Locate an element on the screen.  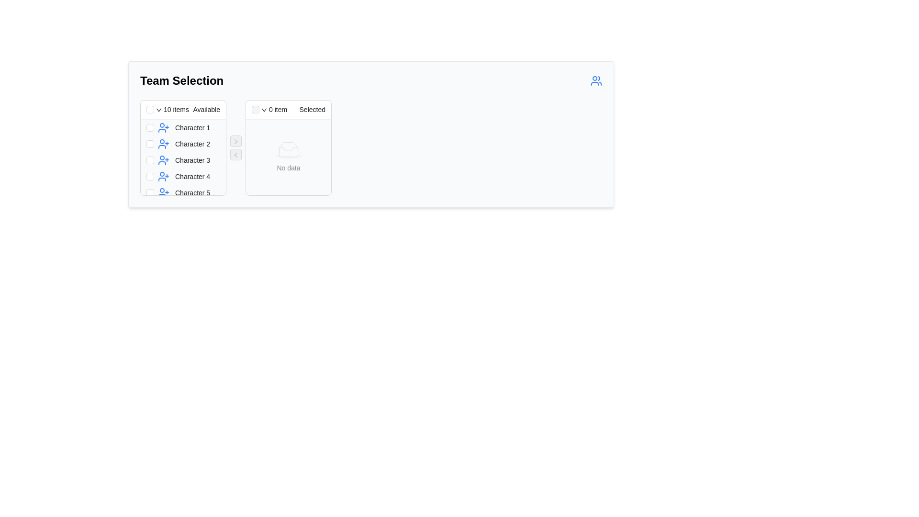
the checkbox for 'Character 4' in the 'Team Selection' section is located at coordinates (149, 177).